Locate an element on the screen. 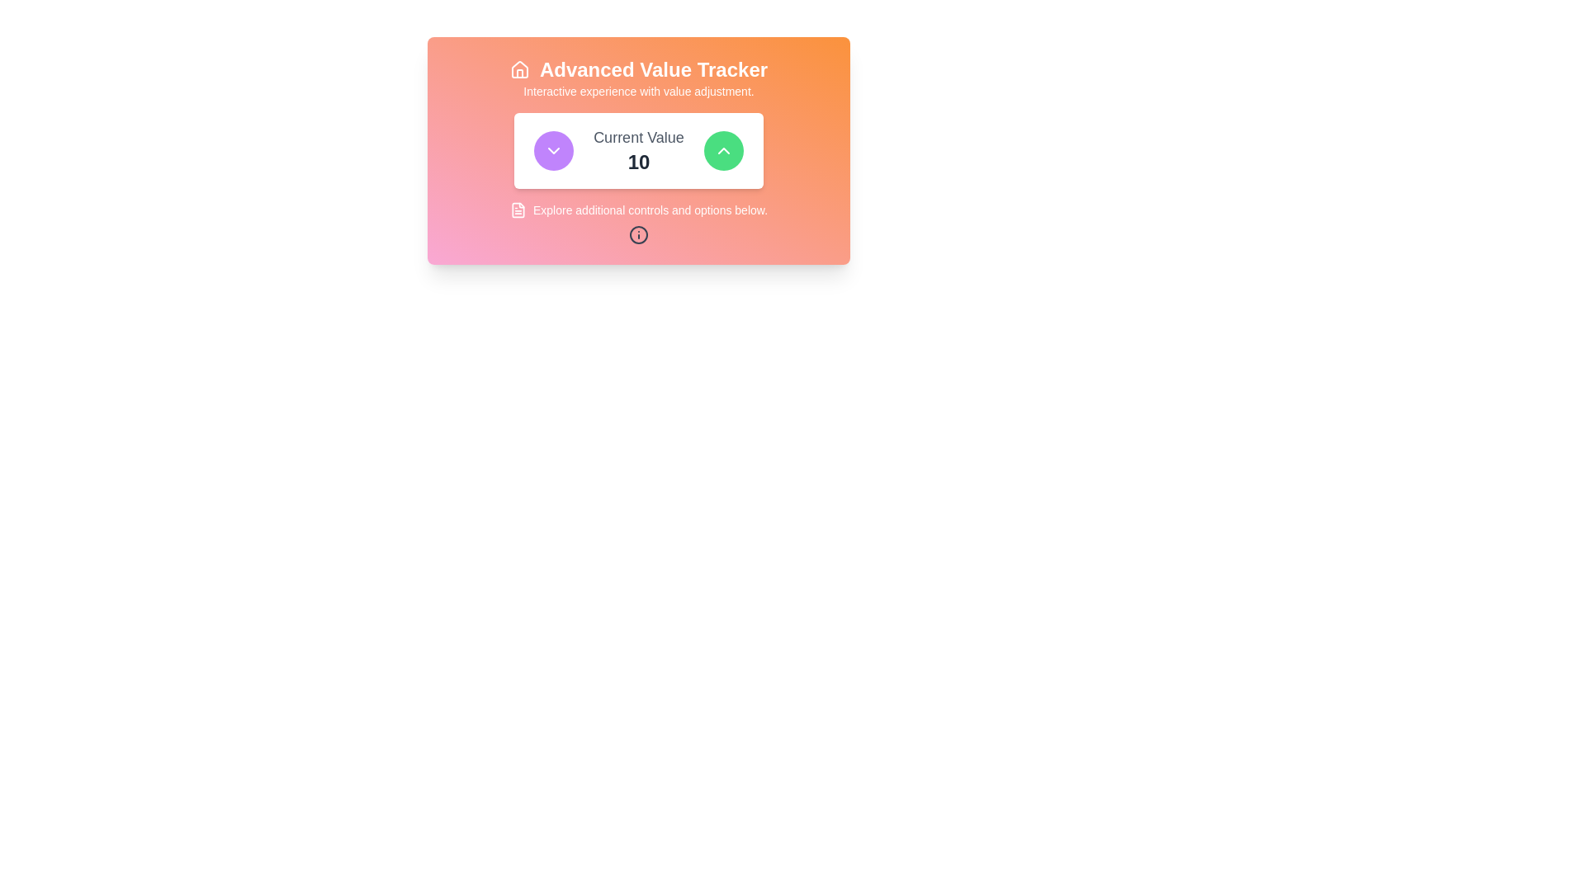  the informational icon located at the bottom center of the interface's additional controls section is located at coordinates (637, 235).